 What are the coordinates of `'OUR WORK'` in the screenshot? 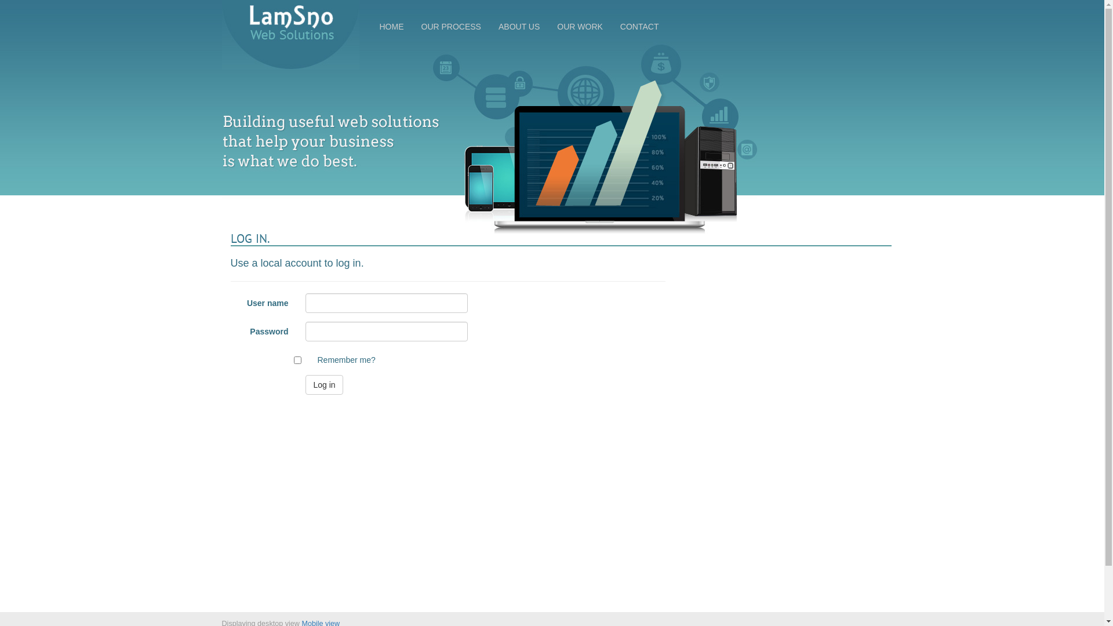 It's located at (580, 26).